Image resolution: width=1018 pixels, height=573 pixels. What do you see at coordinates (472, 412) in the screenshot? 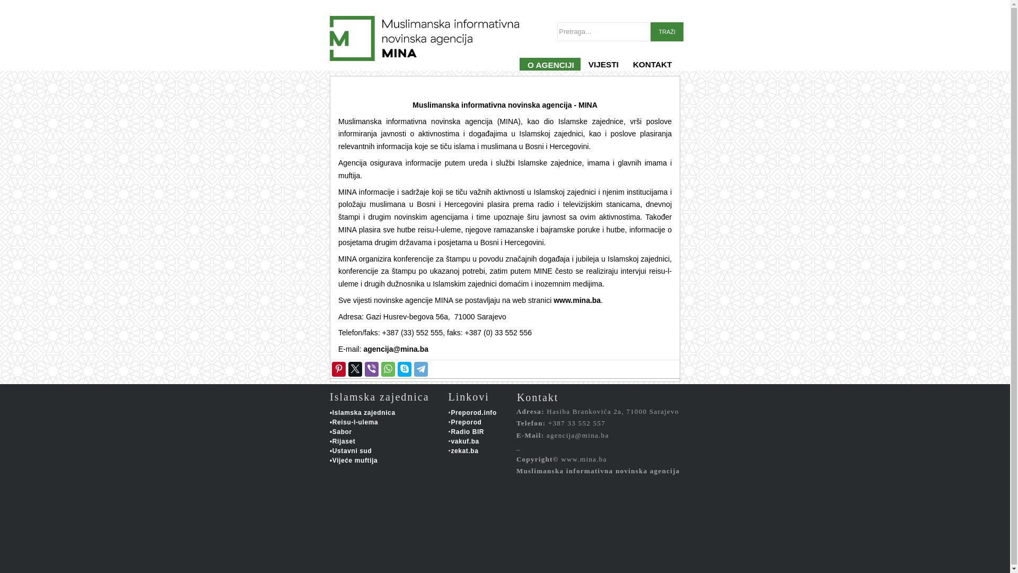
I see `'Preporod.info'` at bounding box center [472, 412].